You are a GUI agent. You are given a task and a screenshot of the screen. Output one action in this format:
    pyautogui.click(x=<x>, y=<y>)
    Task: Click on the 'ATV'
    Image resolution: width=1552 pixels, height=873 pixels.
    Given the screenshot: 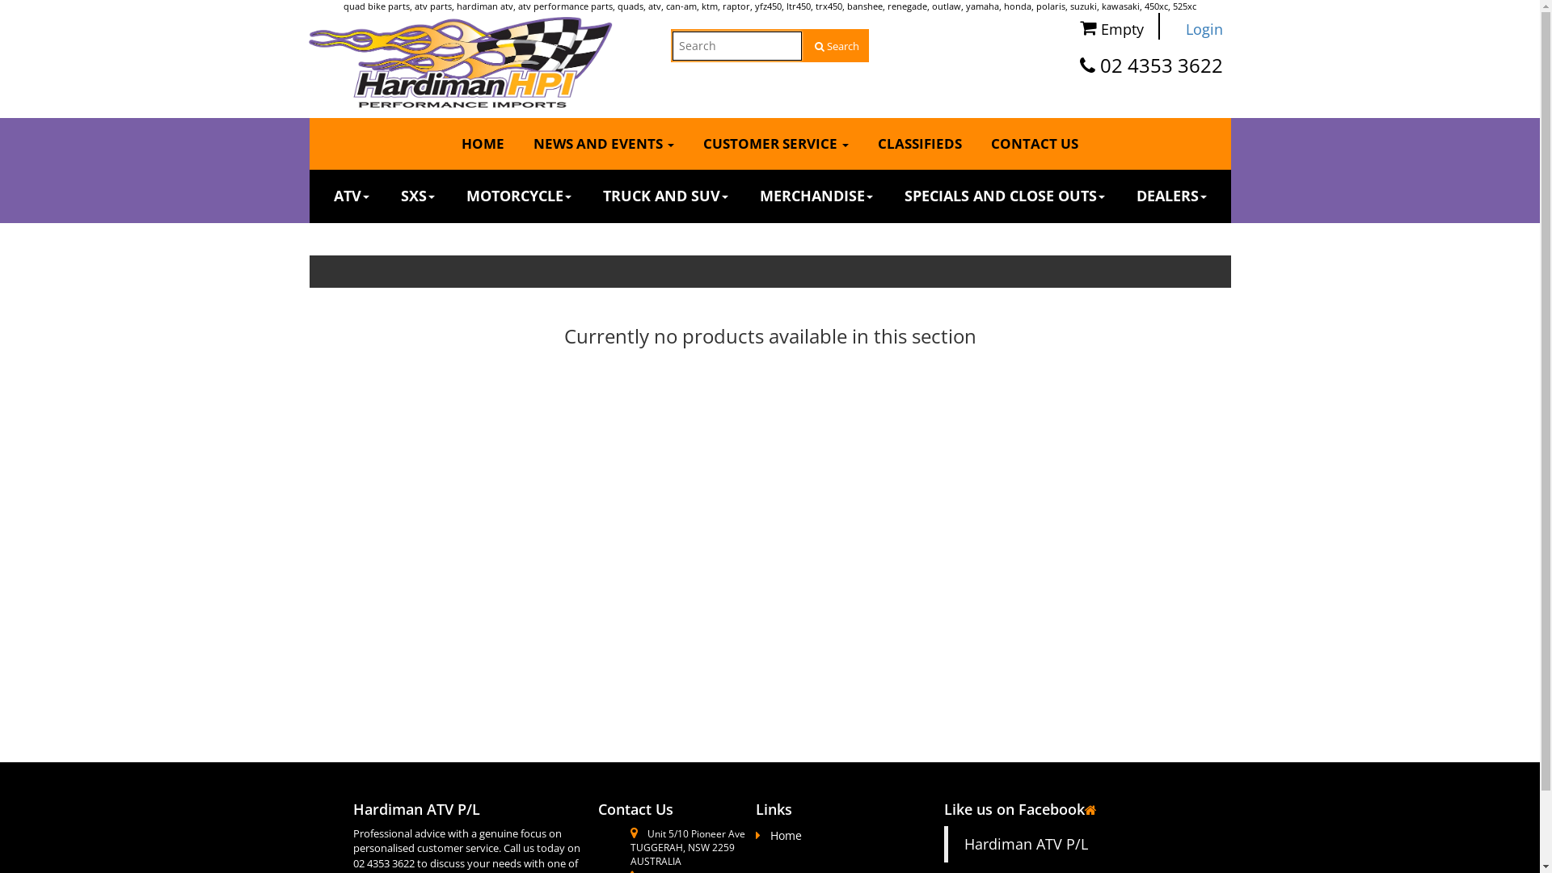 What is the action you would take?
    pyautogui.click(x=318, y=196)
    